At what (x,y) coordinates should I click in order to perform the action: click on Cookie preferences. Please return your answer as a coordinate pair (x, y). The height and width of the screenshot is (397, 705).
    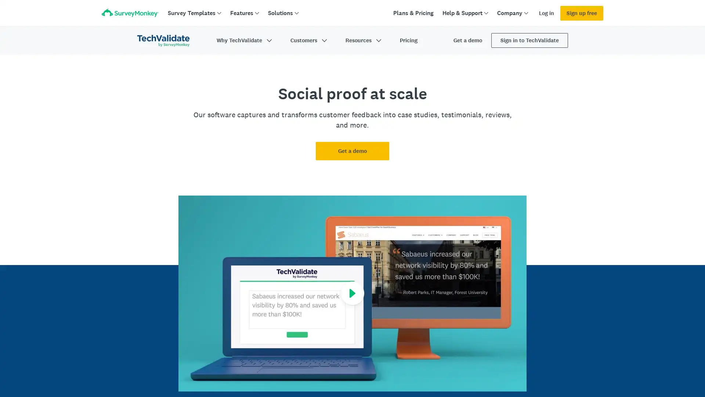
    Looking at the image, I should click on (512, 371).